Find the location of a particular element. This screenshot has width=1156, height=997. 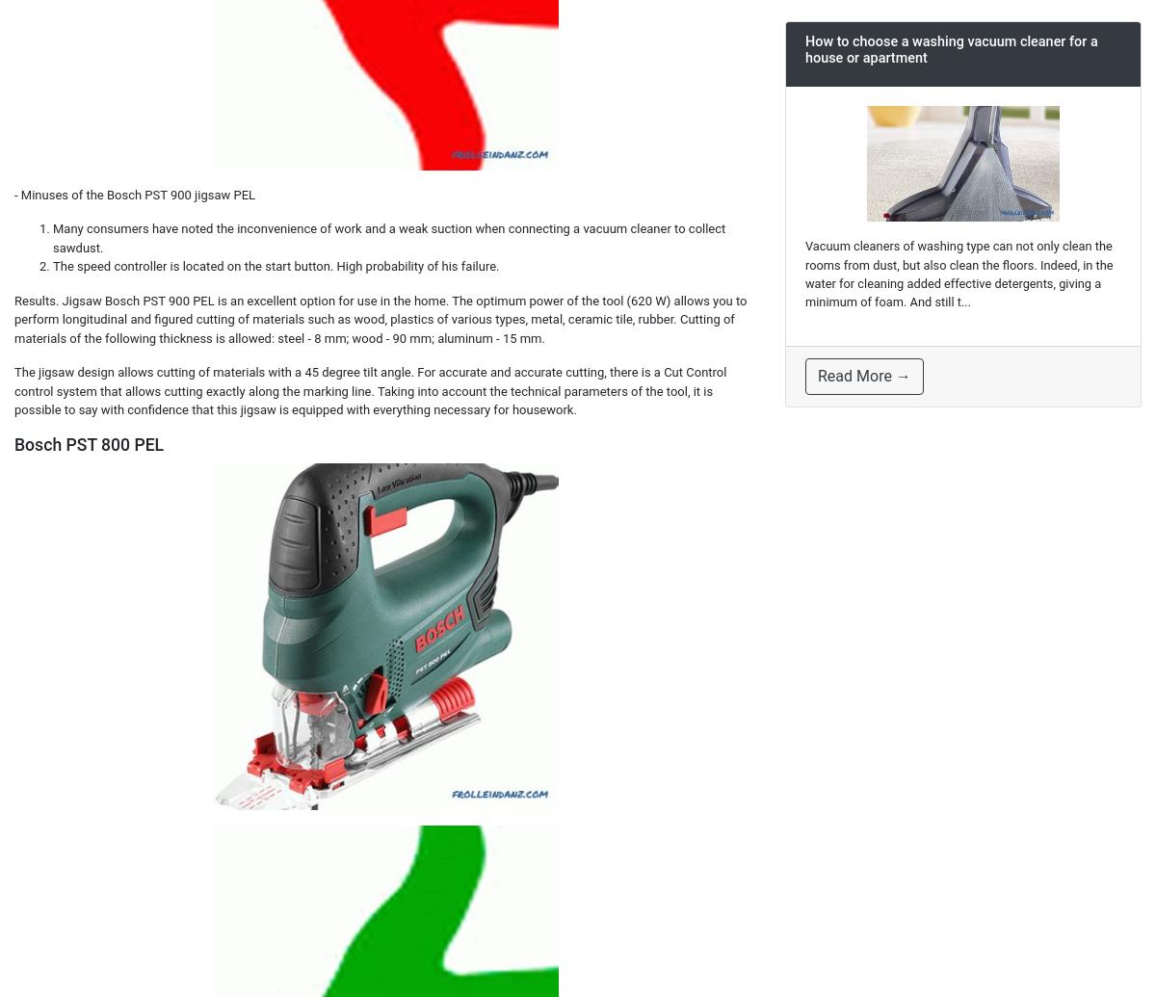

'How to choose a washing vacuum cleaner for a house or apartment' is located at coordinates (804, 49).